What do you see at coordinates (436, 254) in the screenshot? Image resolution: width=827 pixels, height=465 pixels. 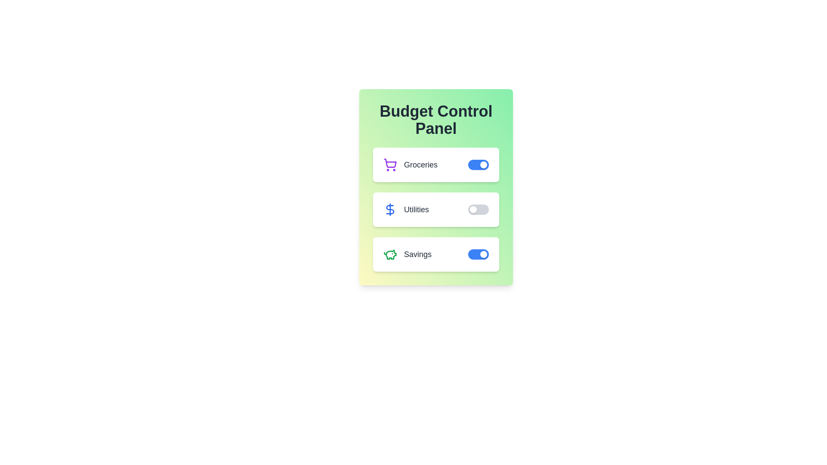 I see `the Savings section to observe its hover effect` at bounding box center [436, 254].